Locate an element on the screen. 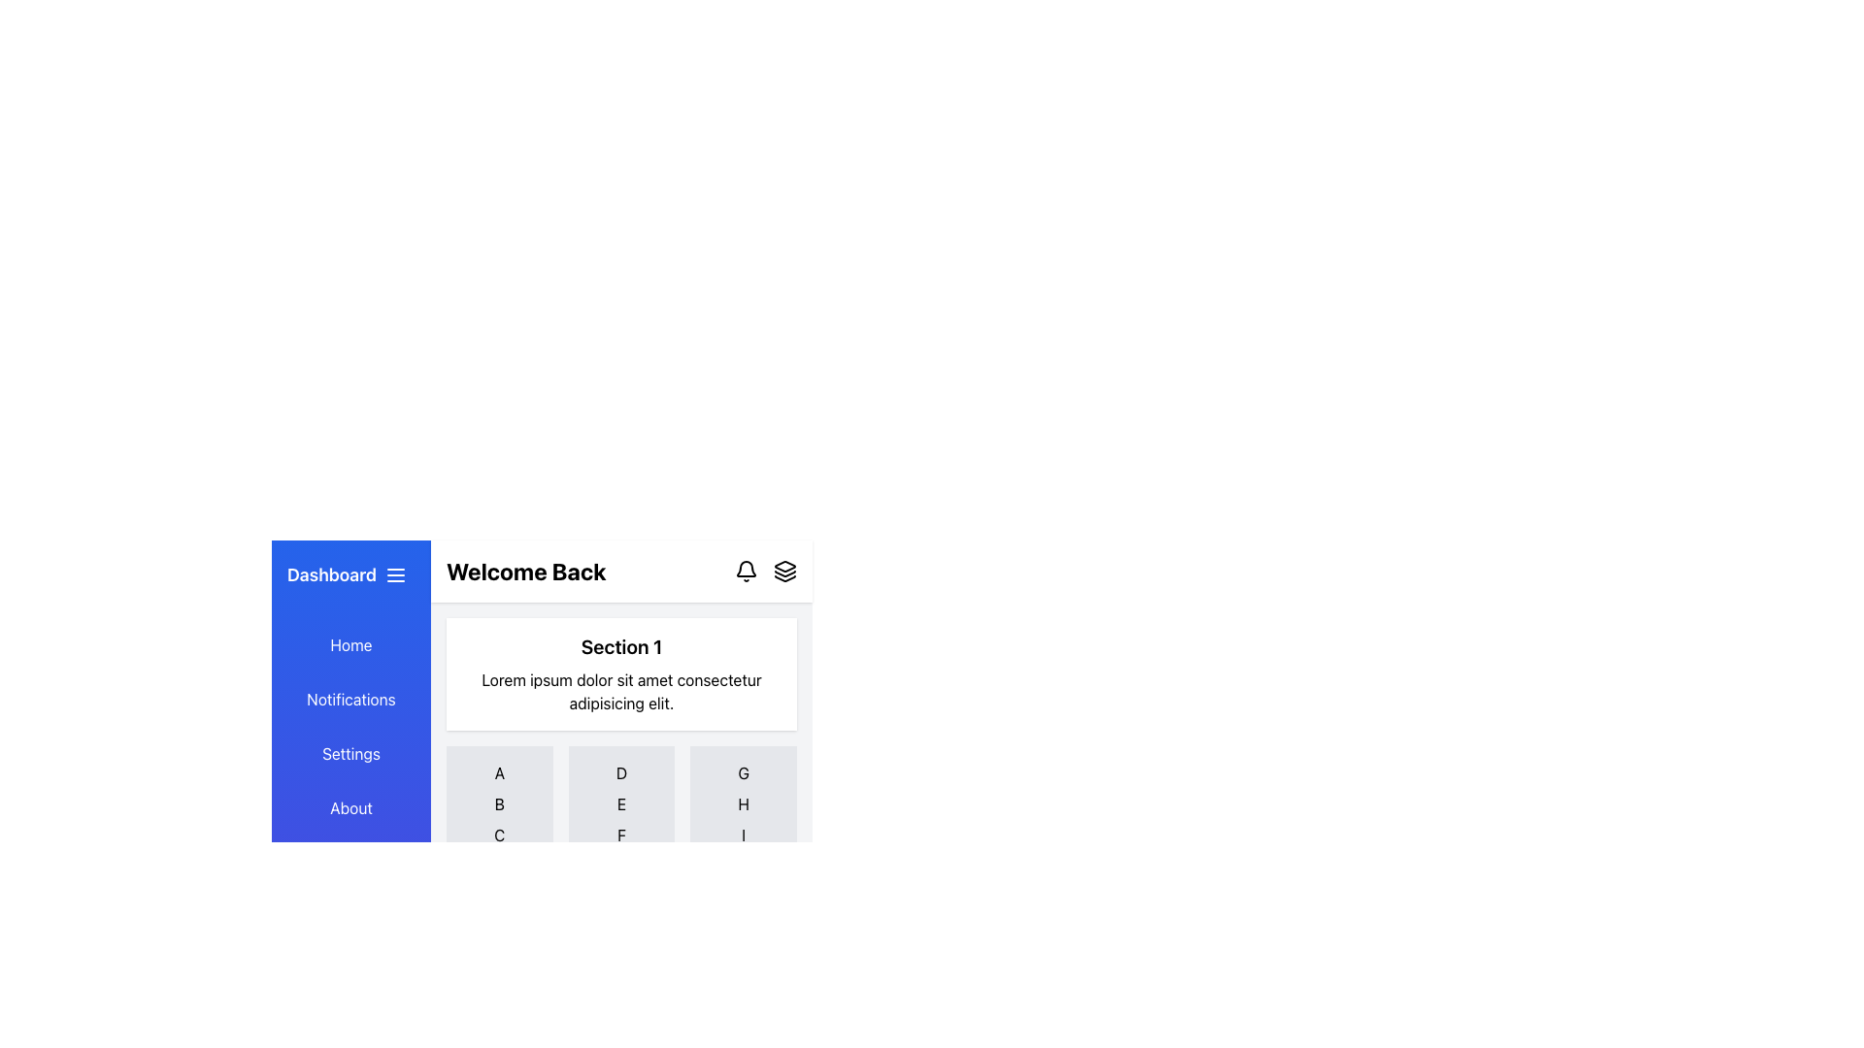 This screenshot has width=1864, height=1048. the text label in the upper-left corner of the dashboard section, which serves as a heading to identify the current location within the application is located at coordinates (331, 574).